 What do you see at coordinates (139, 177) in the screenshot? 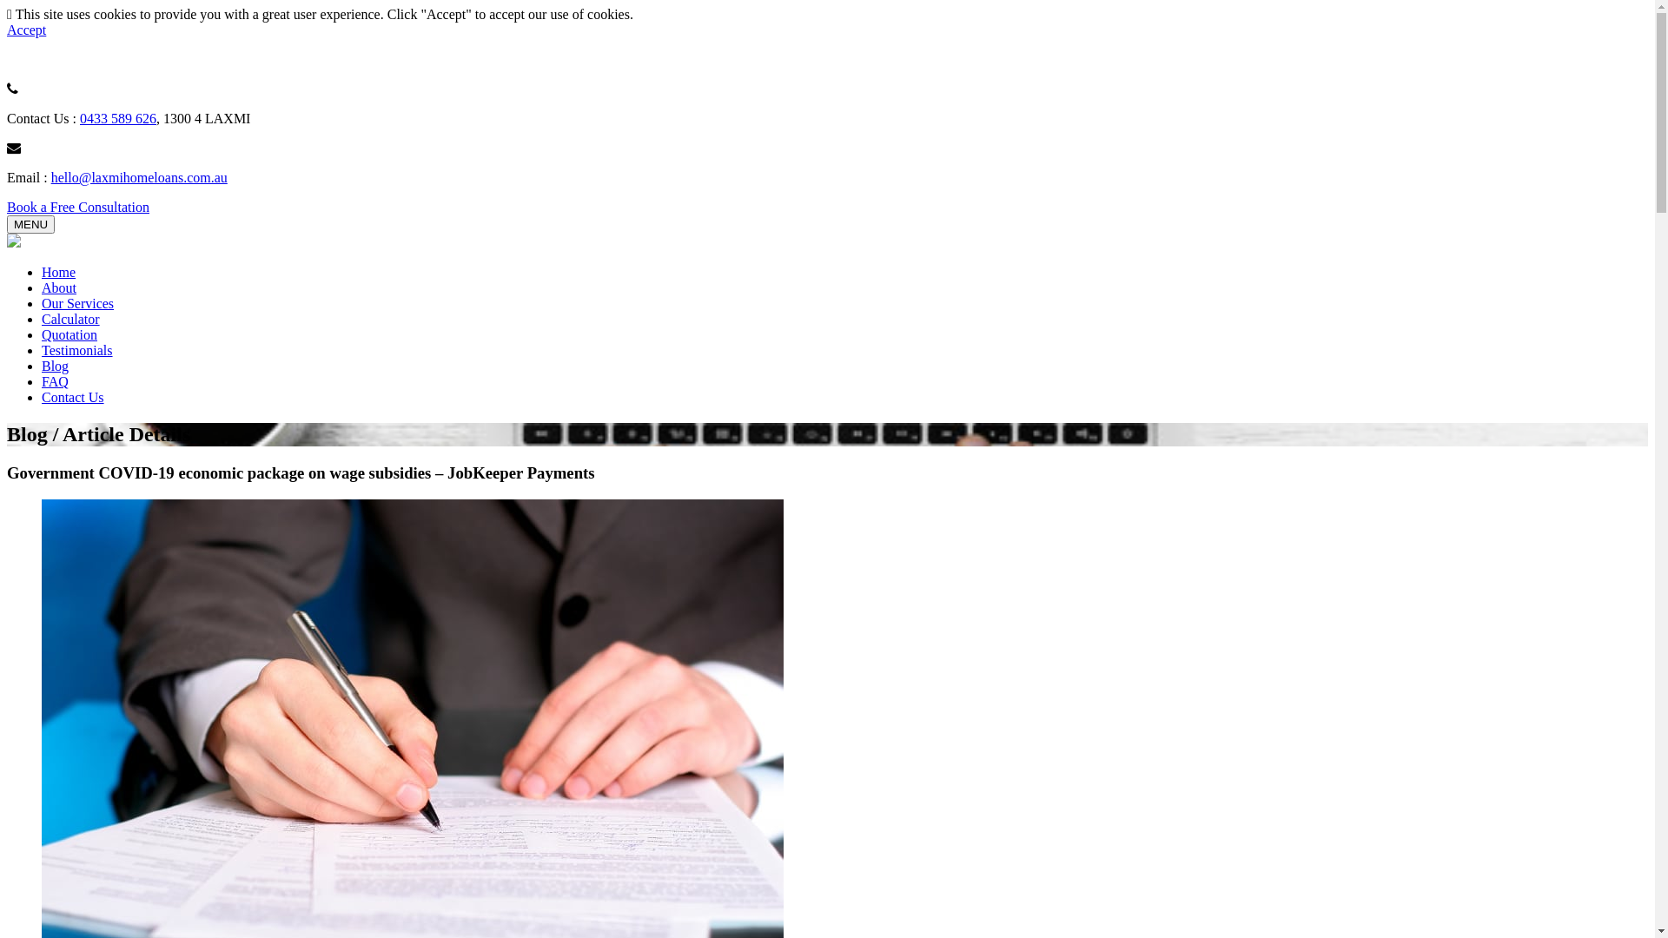
I see `'hello@laxmihomeloans.com.au'` at bounding box center [139, 177].